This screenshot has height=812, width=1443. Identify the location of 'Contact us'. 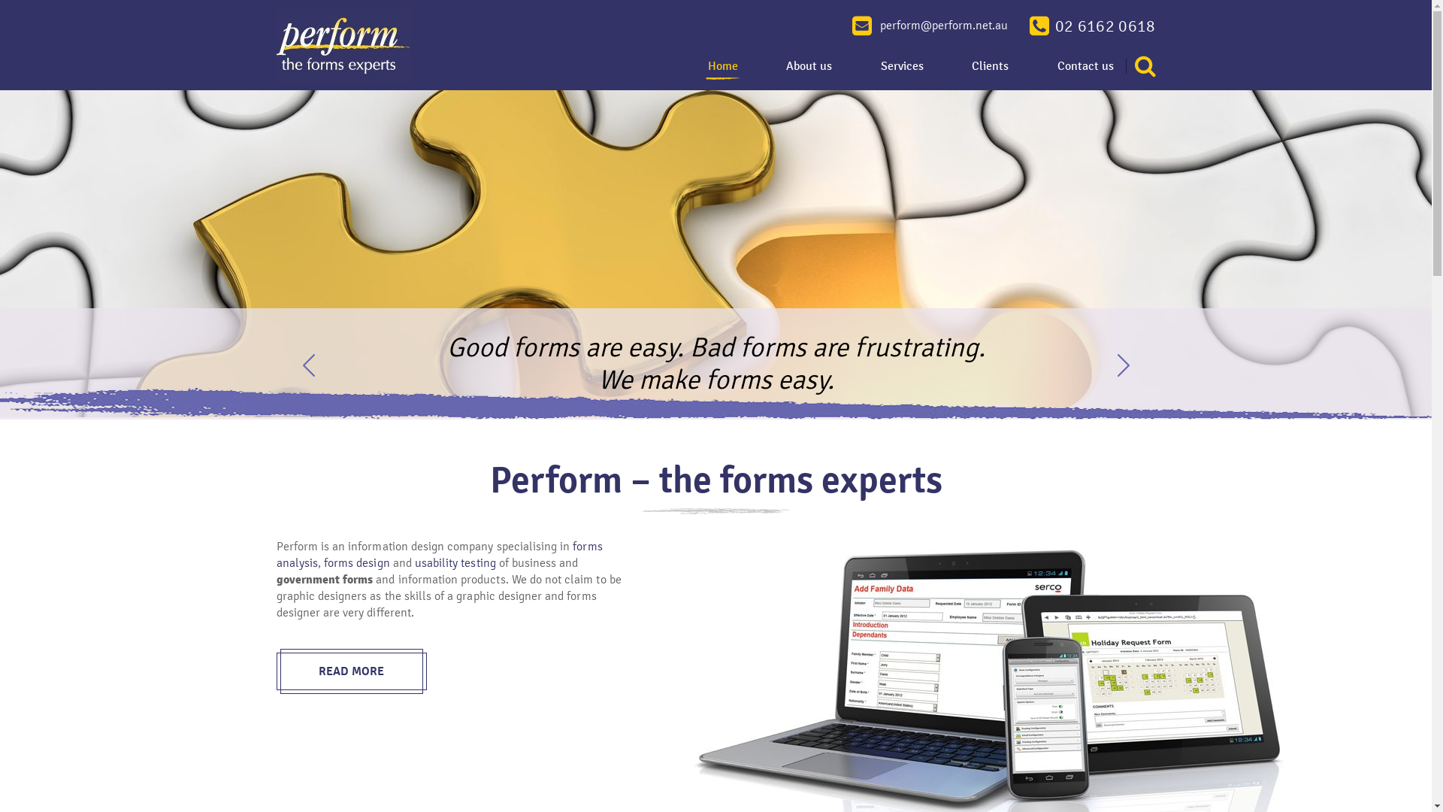
(1085, 71).